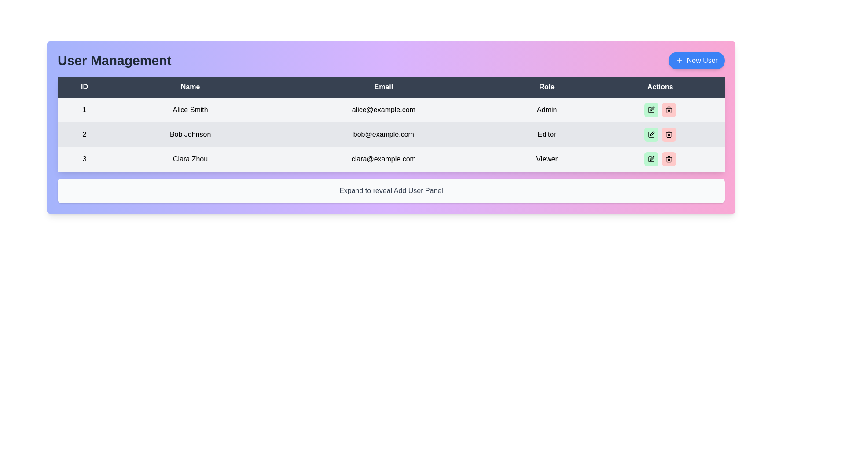 This screenshot has width=845, height=475. I want to click on the trash icon in the 'Actions' column of the first row of the user table to invoke deletion, so click(669, 110).